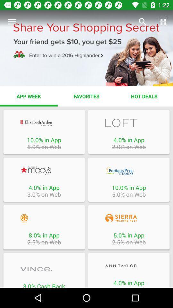 The height and width of the screenshot is (308, 173). What do you see at coordinates (129, 170) in the screenshot?
I see `log into company app` at bounding box center [129, 170].